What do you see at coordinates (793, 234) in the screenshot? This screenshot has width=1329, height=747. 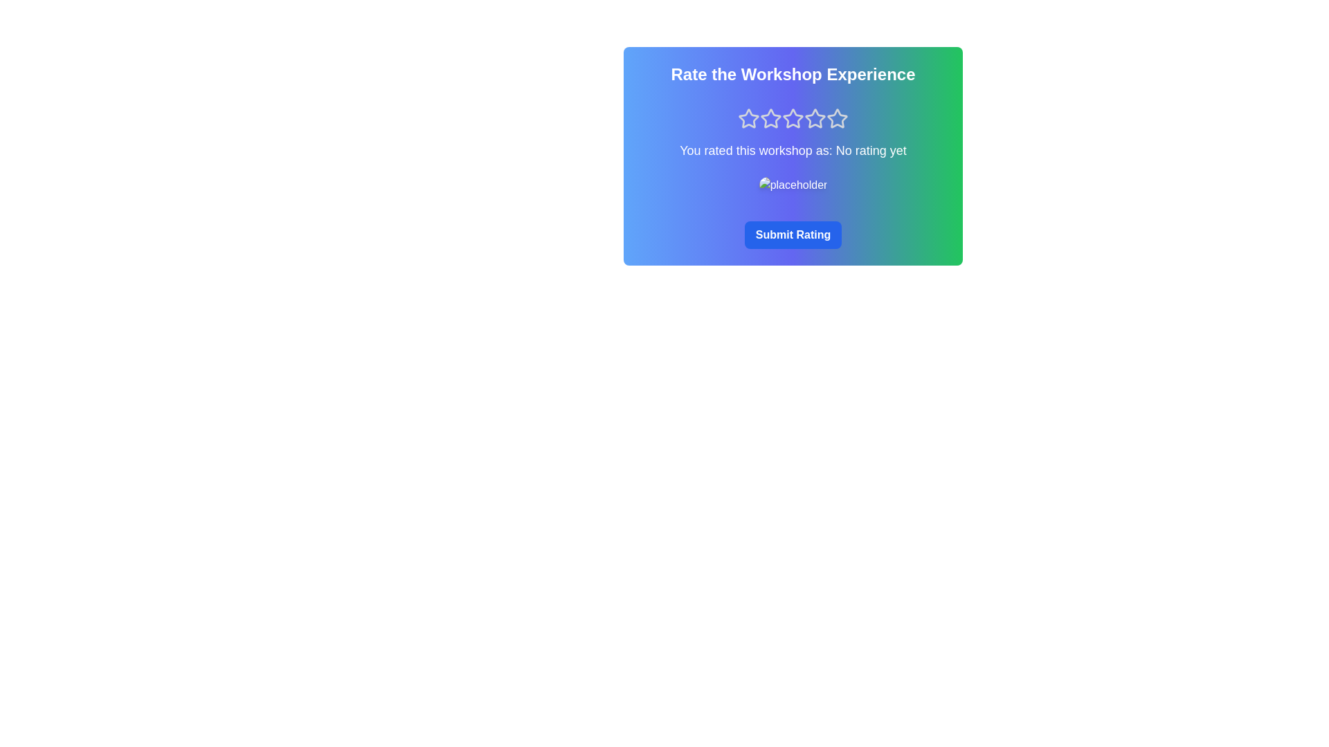 I see `the 'Submit Rating' button to submit the selected rating` at bounding box center [793, 234].